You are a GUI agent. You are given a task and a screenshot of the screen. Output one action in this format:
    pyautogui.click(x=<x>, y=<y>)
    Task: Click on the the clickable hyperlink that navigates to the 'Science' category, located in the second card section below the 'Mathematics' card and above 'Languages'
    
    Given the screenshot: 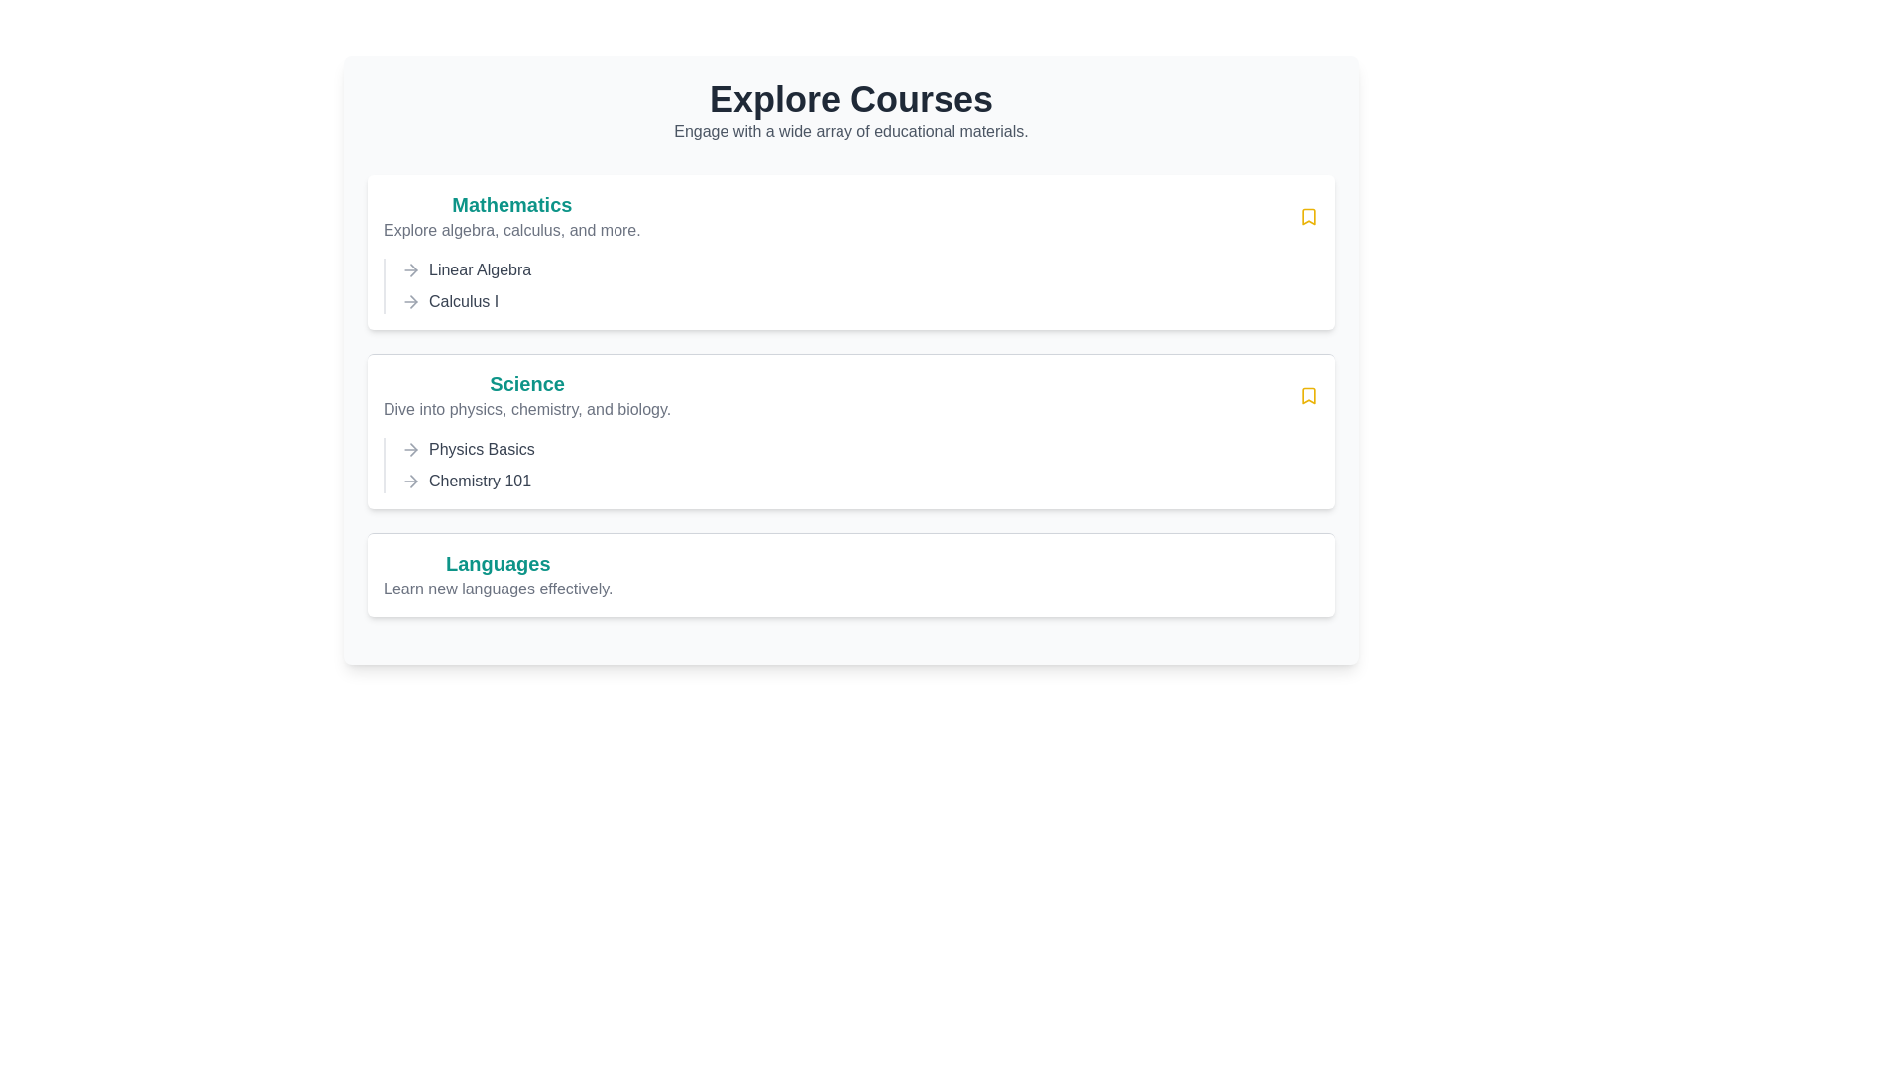 What is the action you would take?
    pyautogui.click(x=527, y=384)
    